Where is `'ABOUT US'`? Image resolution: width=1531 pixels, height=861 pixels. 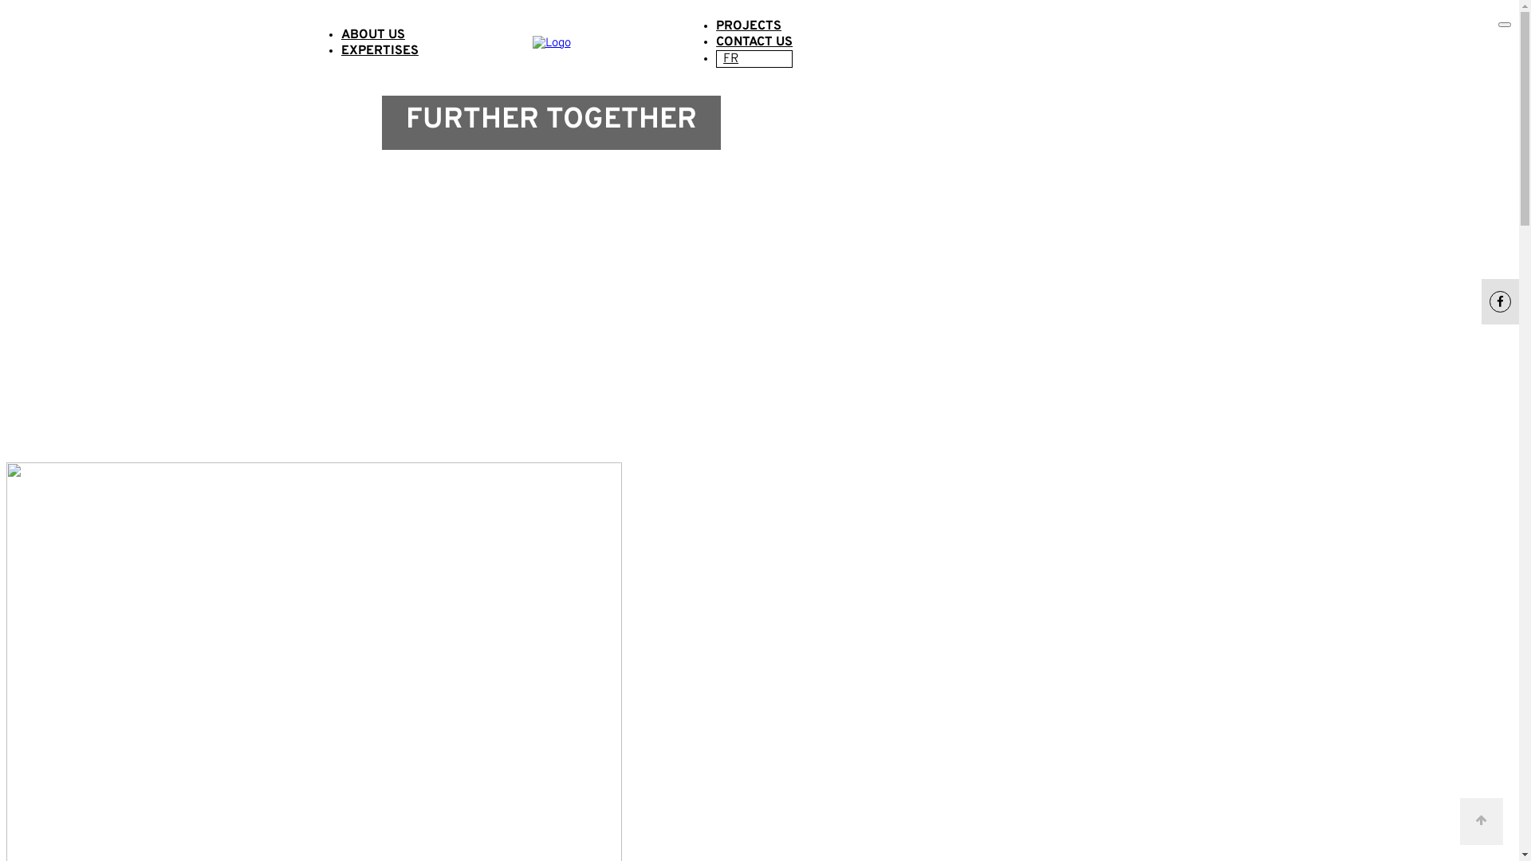
'ABOUT US' is located at coordinates (340, 34).